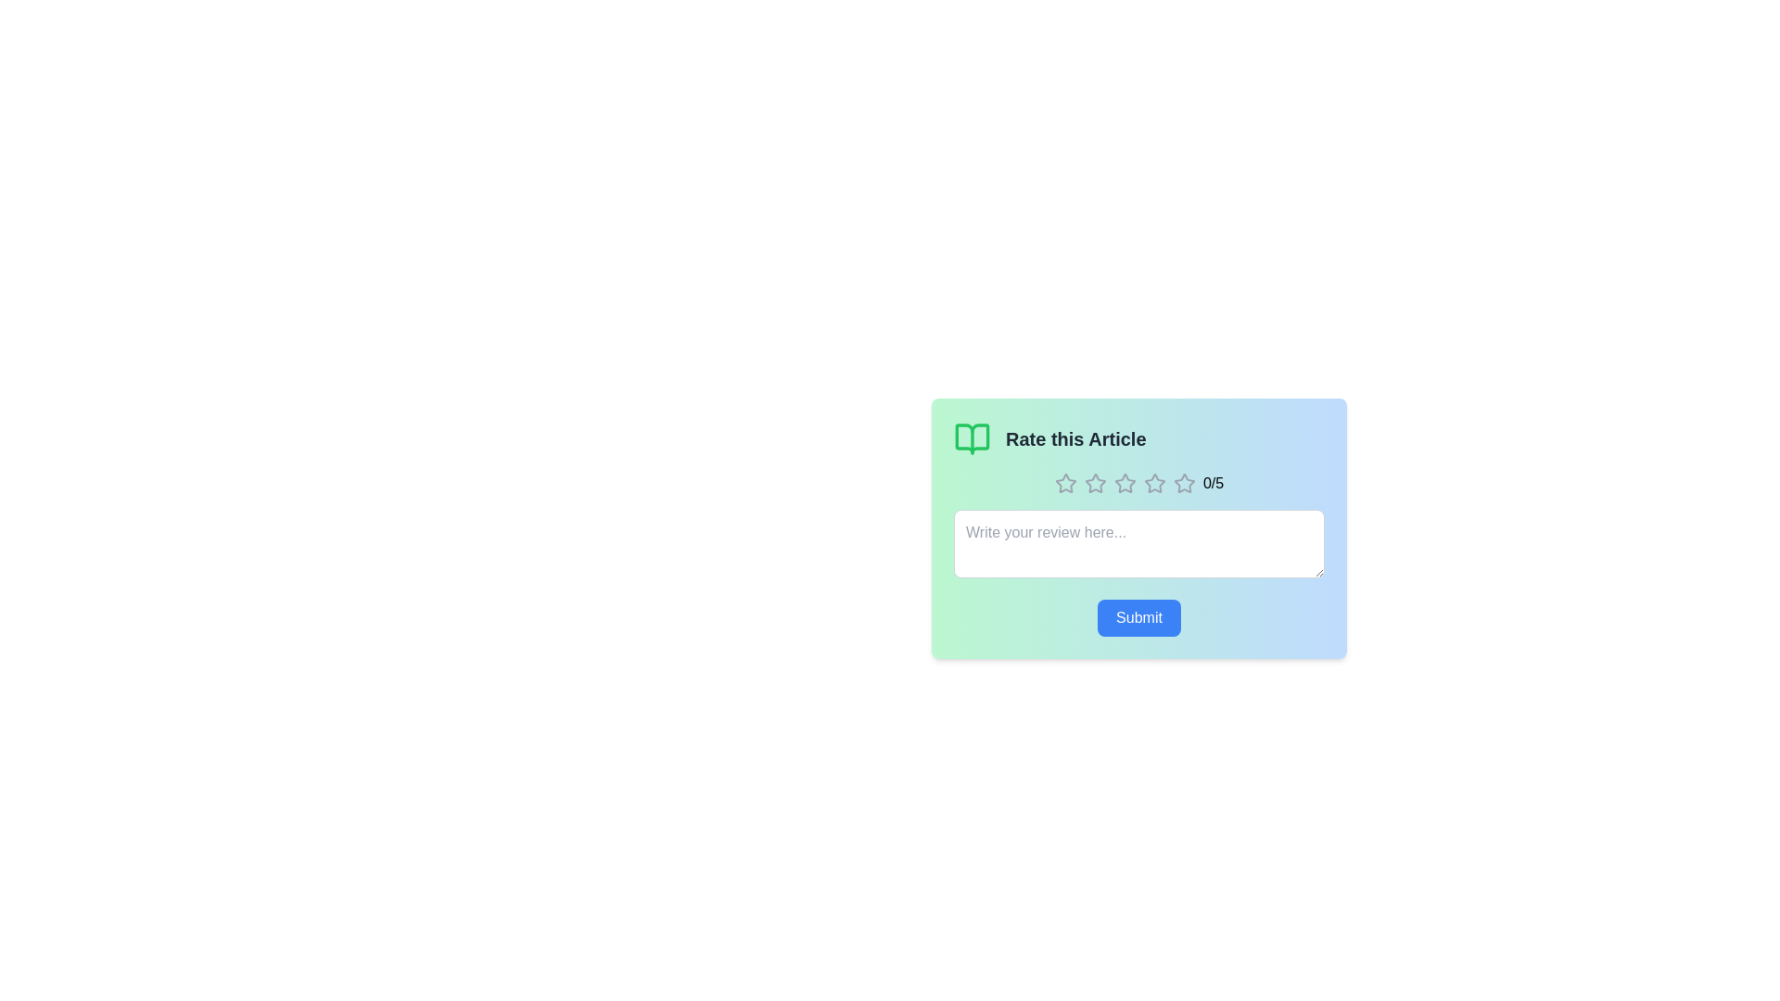 This screenshot has width=1780, height=1001. I want to click on the review textbox and input the text 'This is a great article!', so click(1138, 542).